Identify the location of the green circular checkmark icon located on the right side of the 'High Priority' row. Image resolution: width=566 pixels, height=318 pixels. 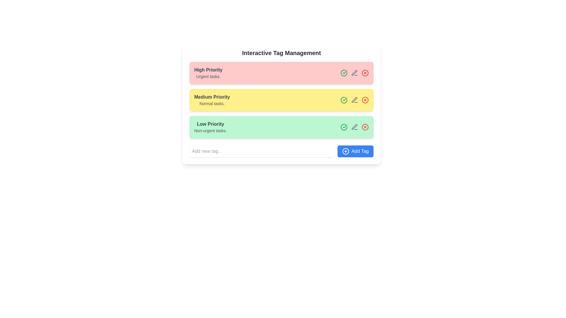
(344, 72).